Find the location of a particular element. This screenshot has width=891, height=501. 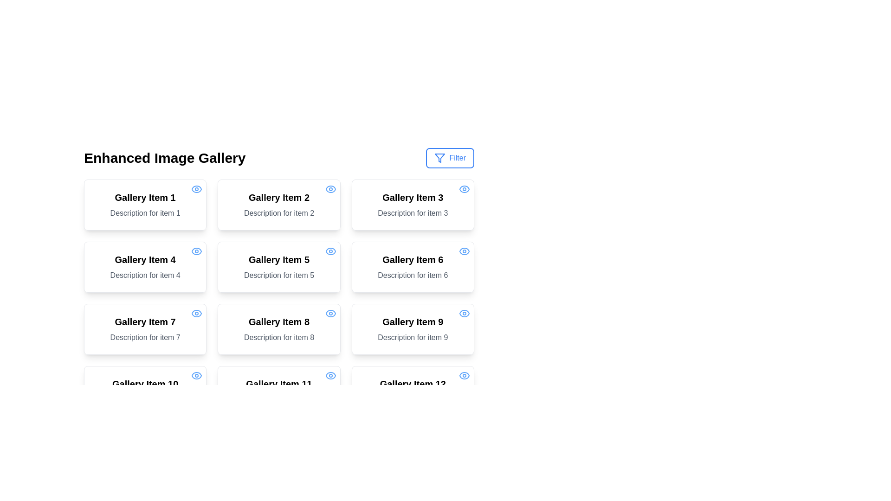

descriptive text label located below the header 'Gallery Item 3' within the bordered and rounded rectangular card representing 'Gallery Item 3' is located at coordinates (412, 213).